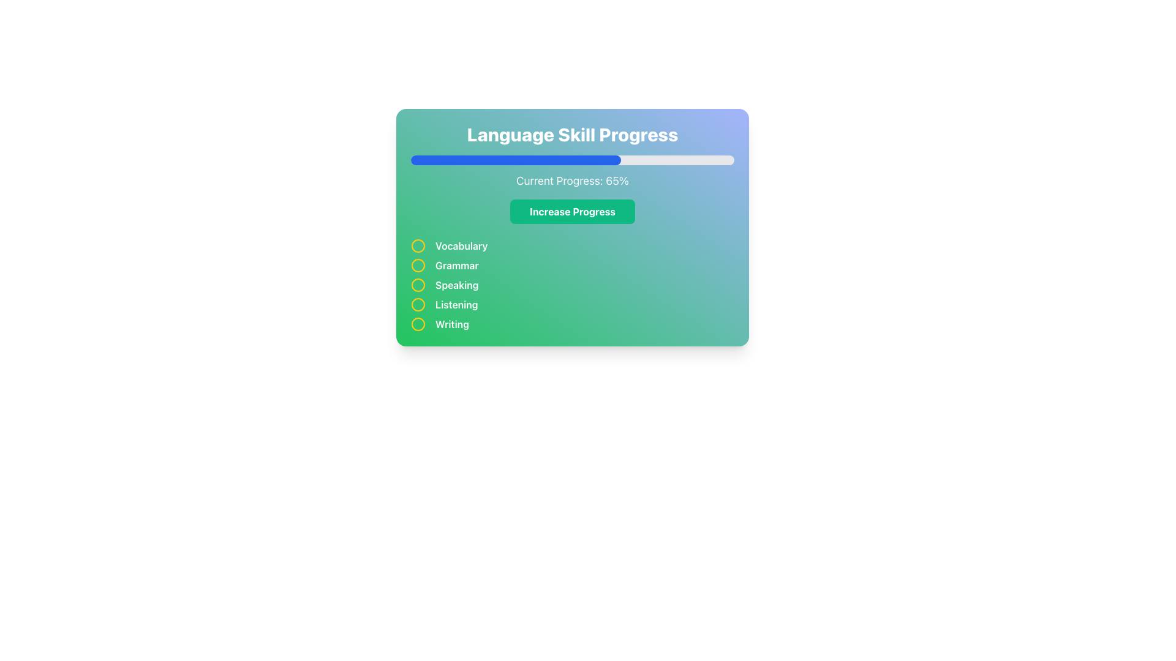 The width and height of the screenshot is (1176, 661). What do you see at coordinates (418, 323) in the screenshot?
I see `the circular yellow marker icon located near the bottom of the checklist, specifically aligned with the 'Writing' label as the fifth item` at bounding box center [418, 323].